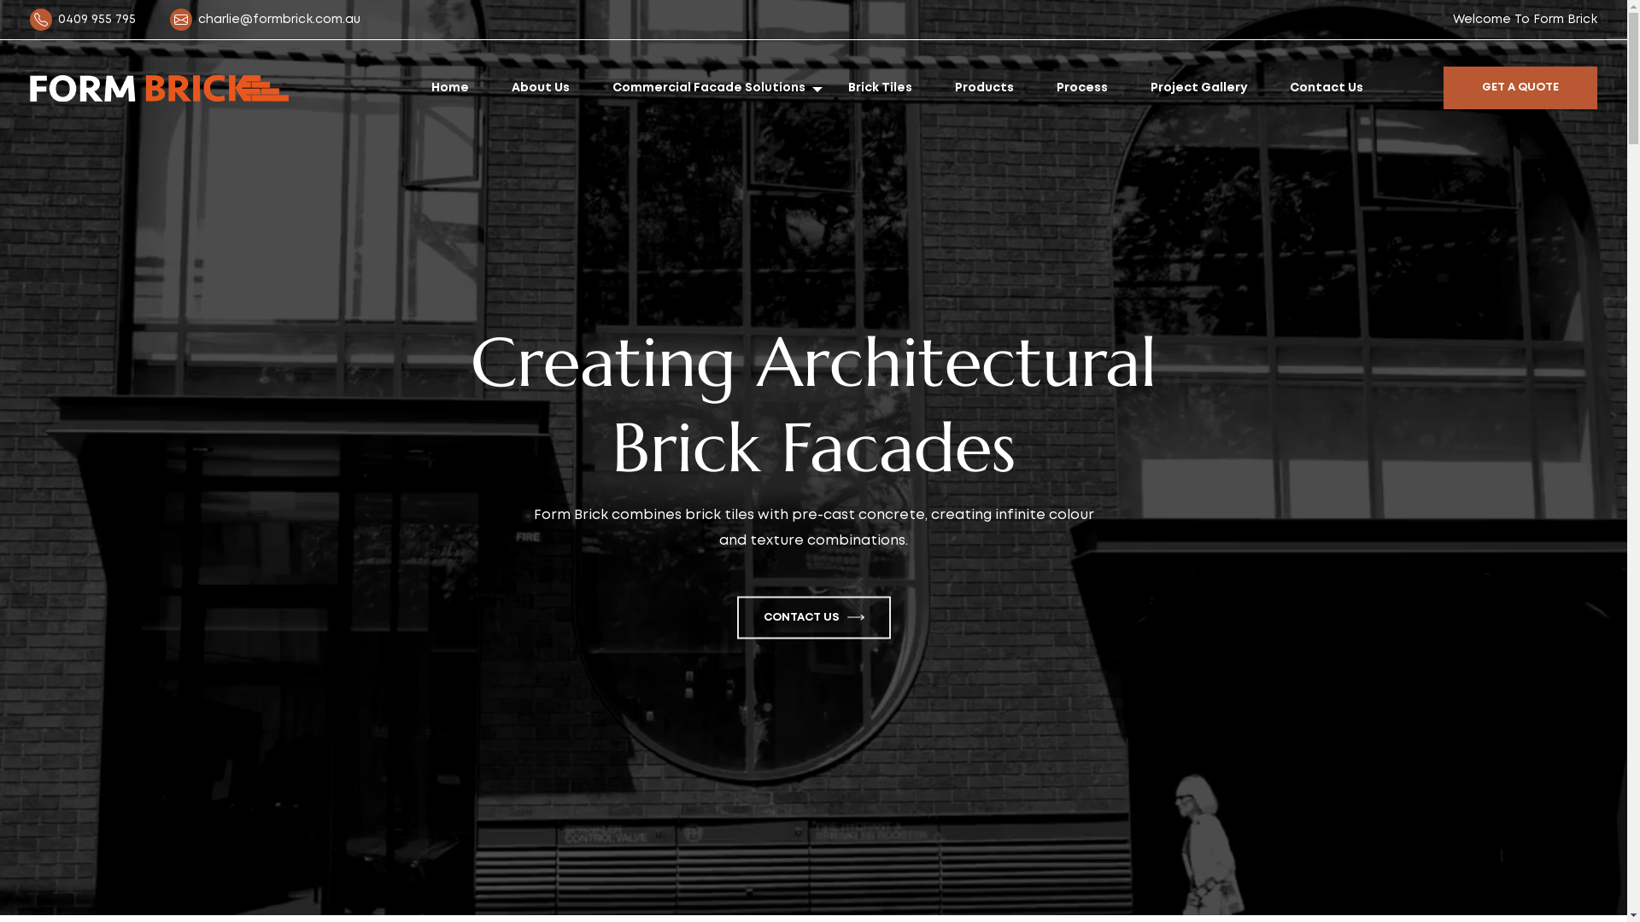  What do you see at coordinates (44, 20) in the screenshot?
I see `'Call Us'` at bounding box center [44, 20].